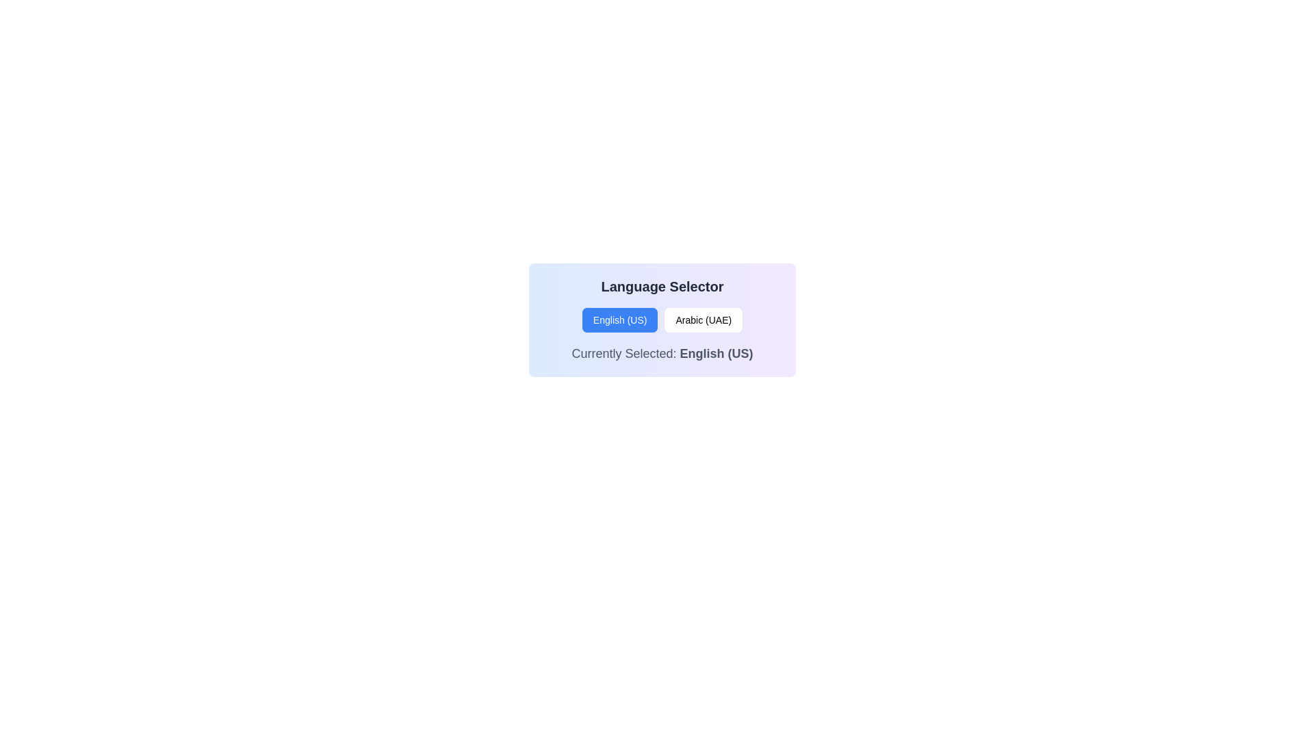 The height and width of the screenshot is (739, 1314). I want to click on the 'Language Selector' text element, which is a bold, large-sized dark gray header located at the top of a card-like section, so click(662, 286).